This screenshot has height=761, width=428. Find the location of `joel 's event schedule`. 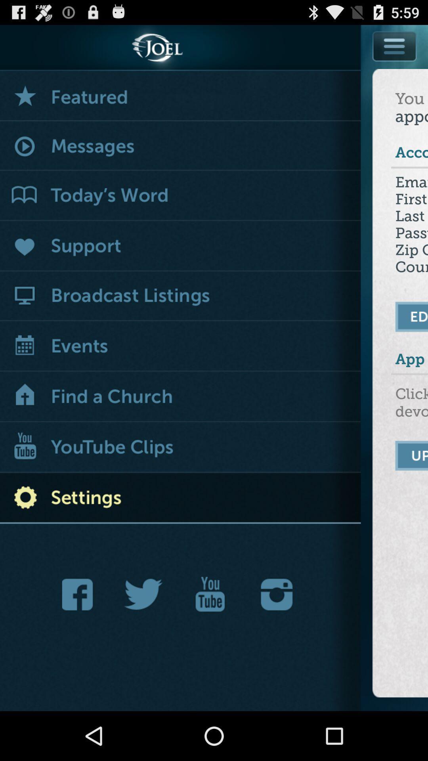

joel 's event schedule is located at coordinates (180, 347).